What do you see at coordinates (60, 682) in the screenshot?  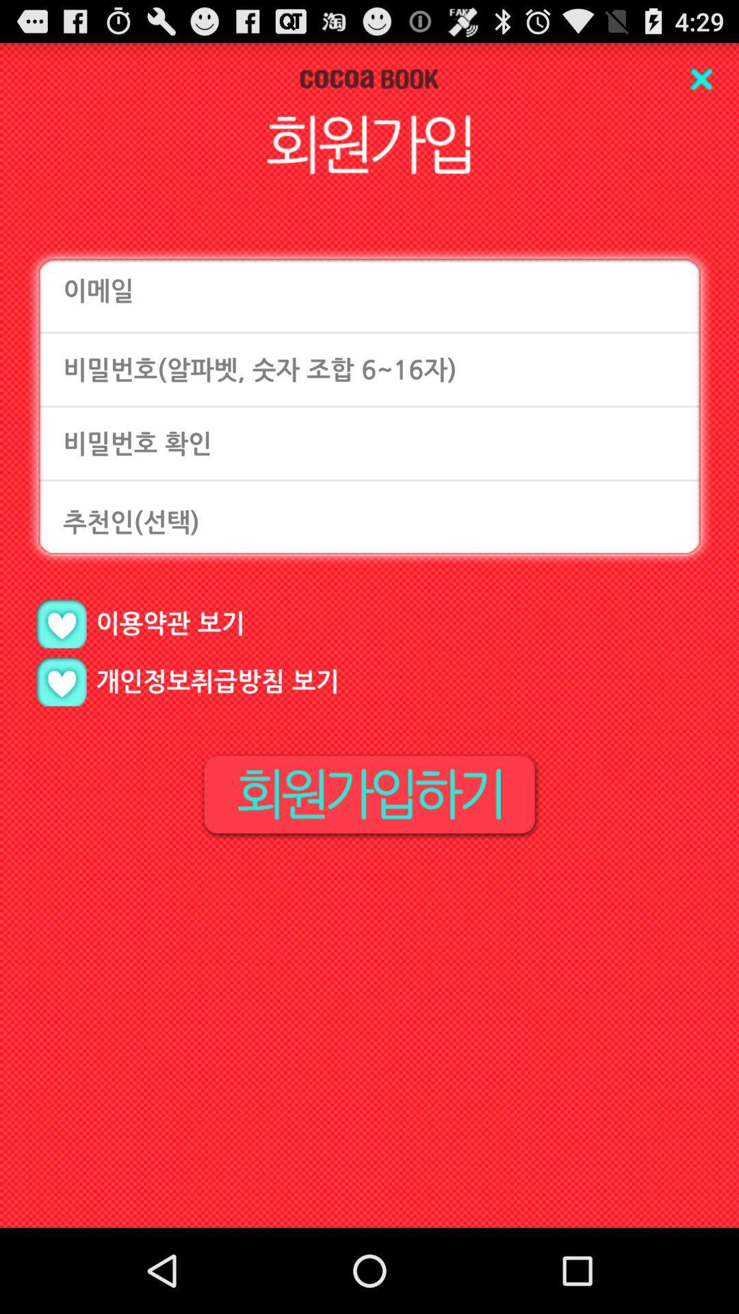 I see `option` at bounding box center [60, 682].